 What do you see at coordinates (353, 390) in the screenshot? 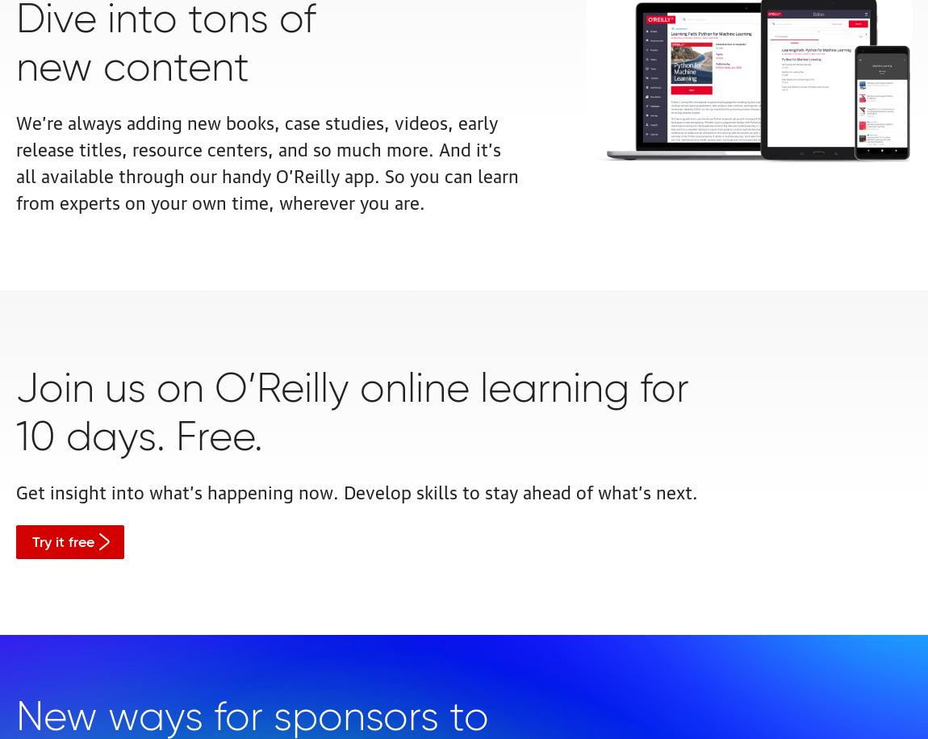
I see `'Join us on O’Reilly online learning for'` at bounding box center [353, 390].